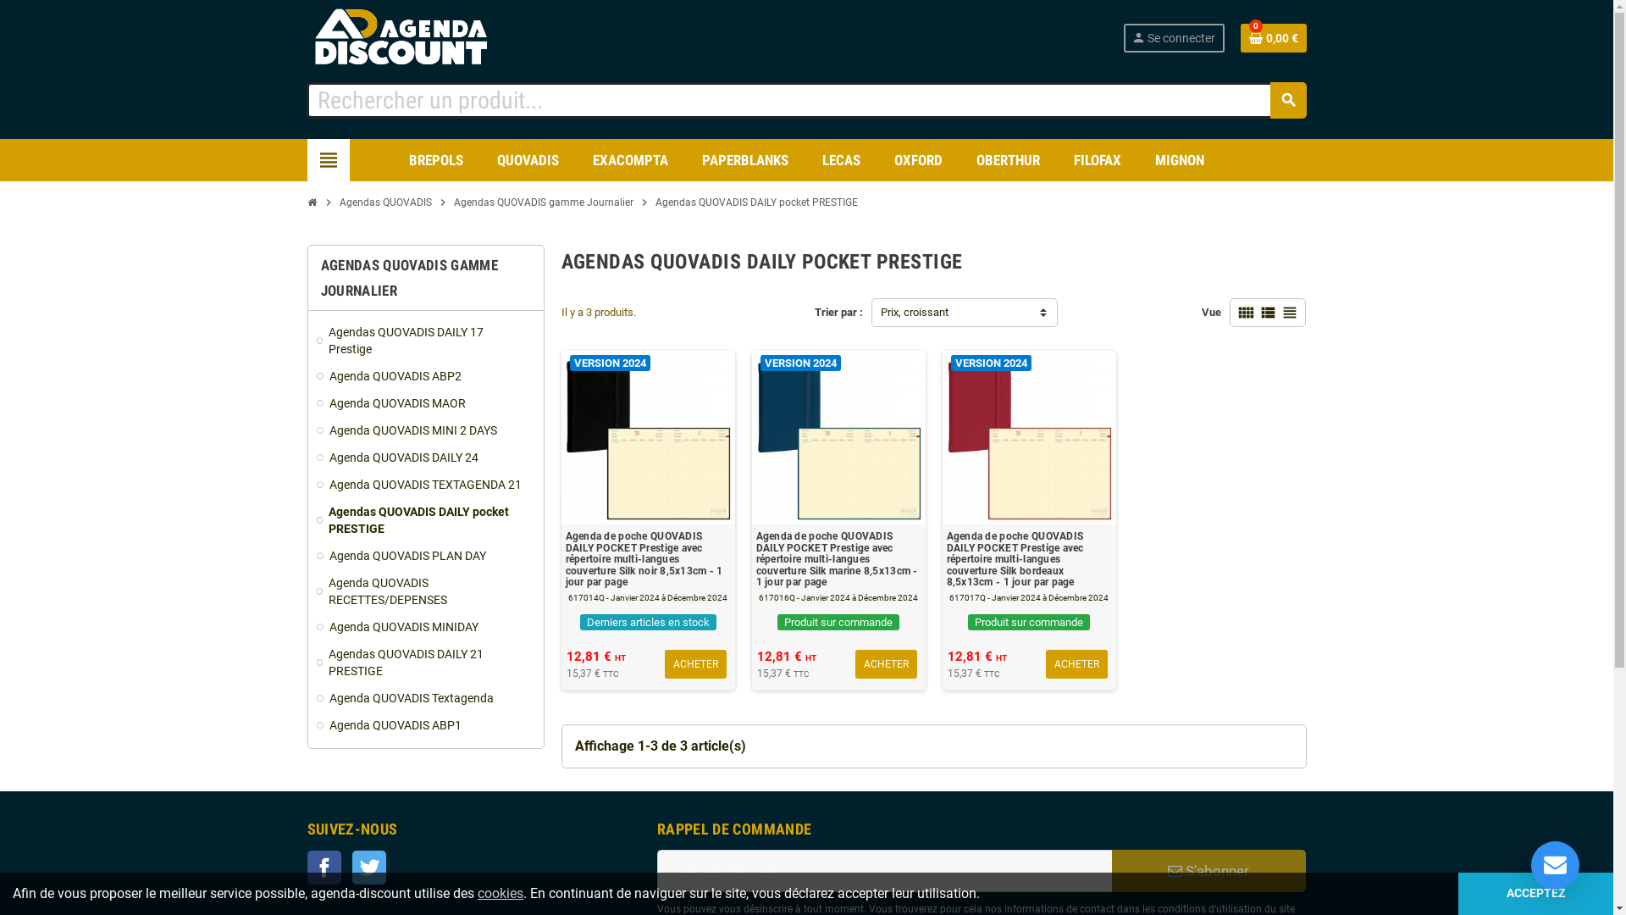 The image size is (1626, 915). Describe the element at coordinates (426, 374) in the screenshot. I see `'Agenda QUOVADIS ABP2'` at that location.